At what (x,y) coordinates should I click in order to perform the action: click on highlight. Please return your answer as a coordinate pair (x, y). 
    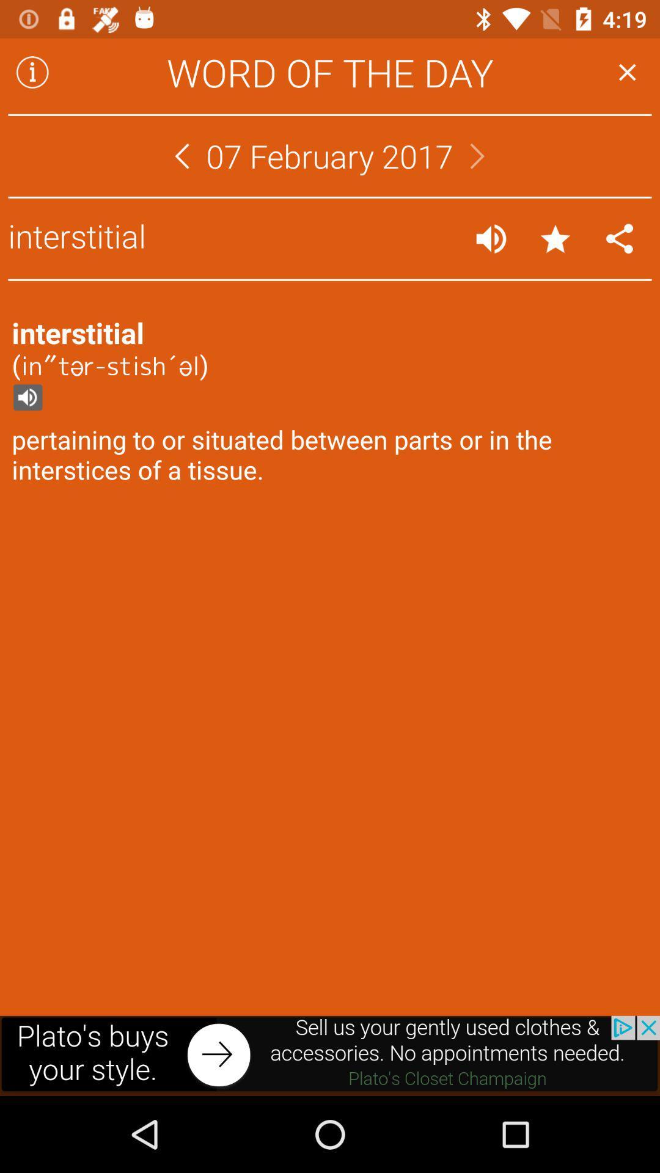
    Looking at the image, I should click on (555, 238).